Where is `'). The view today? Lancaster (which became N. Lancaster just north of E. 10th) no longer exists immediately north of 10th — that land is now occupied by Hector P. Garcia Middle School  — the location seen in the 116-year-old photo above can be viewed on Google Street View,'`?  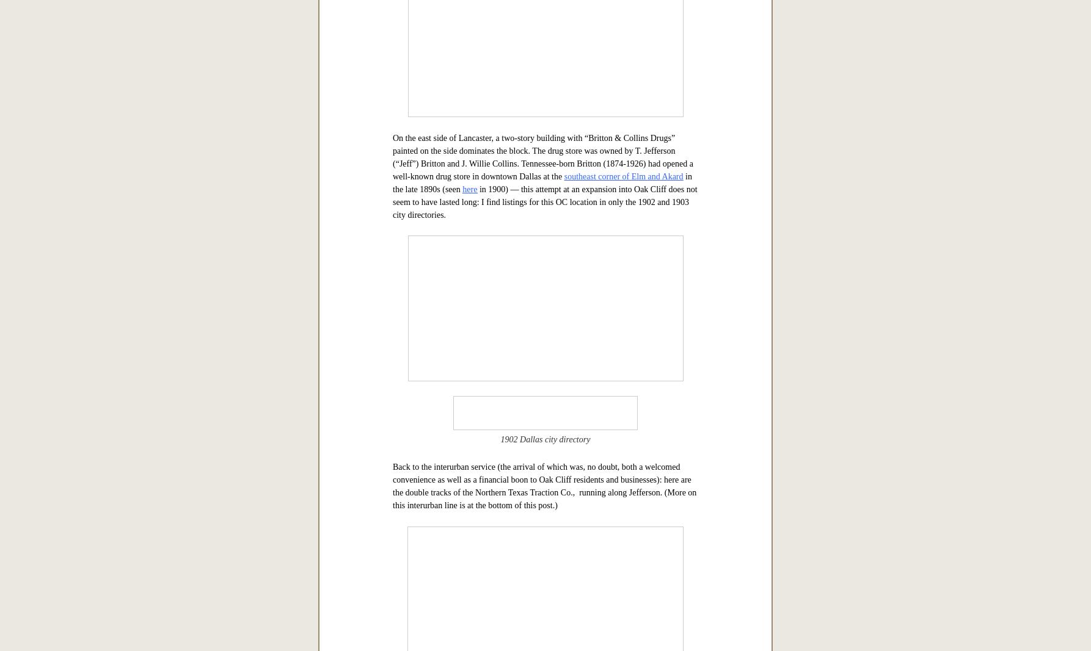 '). The view today? Lancaster (which became N. Lancaster just north of E. 10th) no longer exists immediately north of 10th — that land is now occupied by Hector P. Garcia Middle School  — the location seen in the 116-year-old photo above can be viewed on Google Street View,' is located at coordinates (544, 53).